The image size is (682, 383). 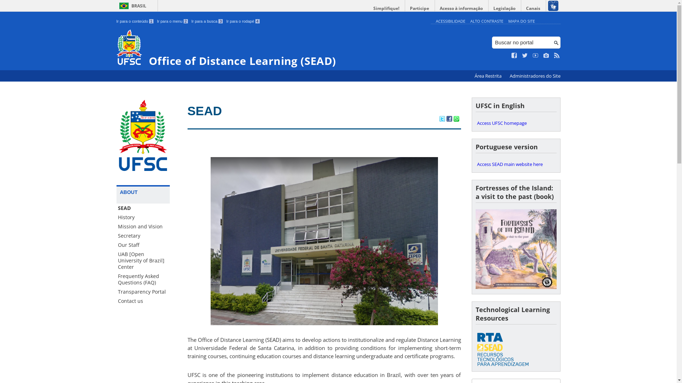 I want to click on 'Ir para a busca 3', so click(x=207, y=21).